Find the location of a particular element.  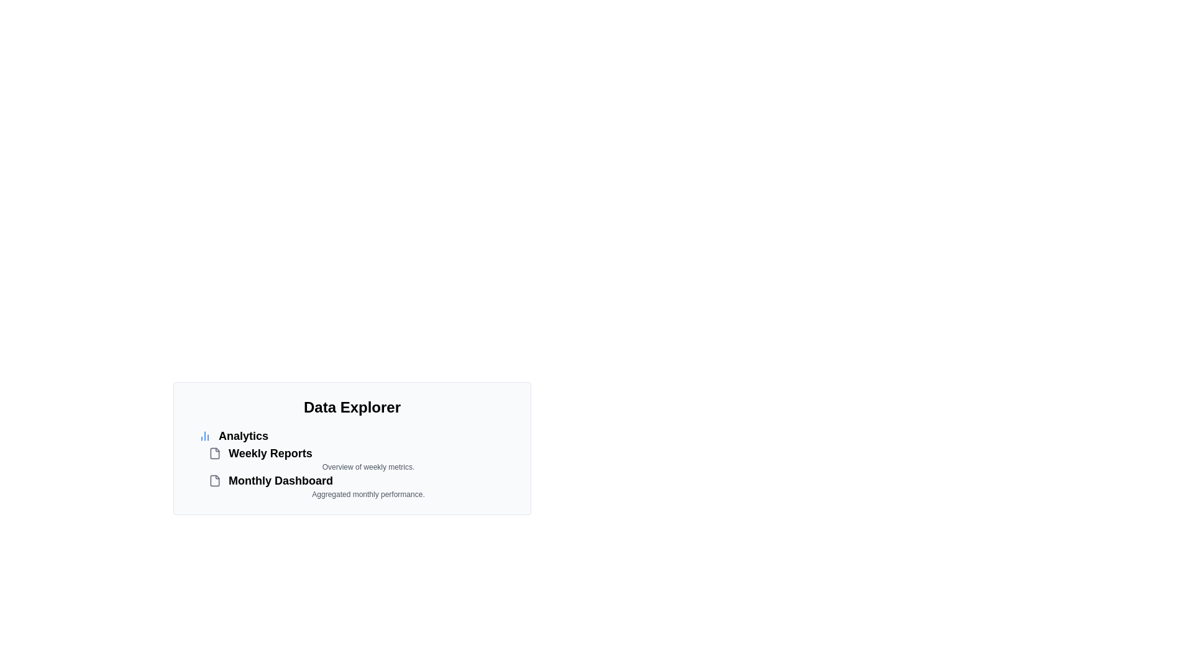

the 'Analytics' icon located to the left of the 'Analytics' text within the 'Data Explorer' section is located at coordinates (205, 436).